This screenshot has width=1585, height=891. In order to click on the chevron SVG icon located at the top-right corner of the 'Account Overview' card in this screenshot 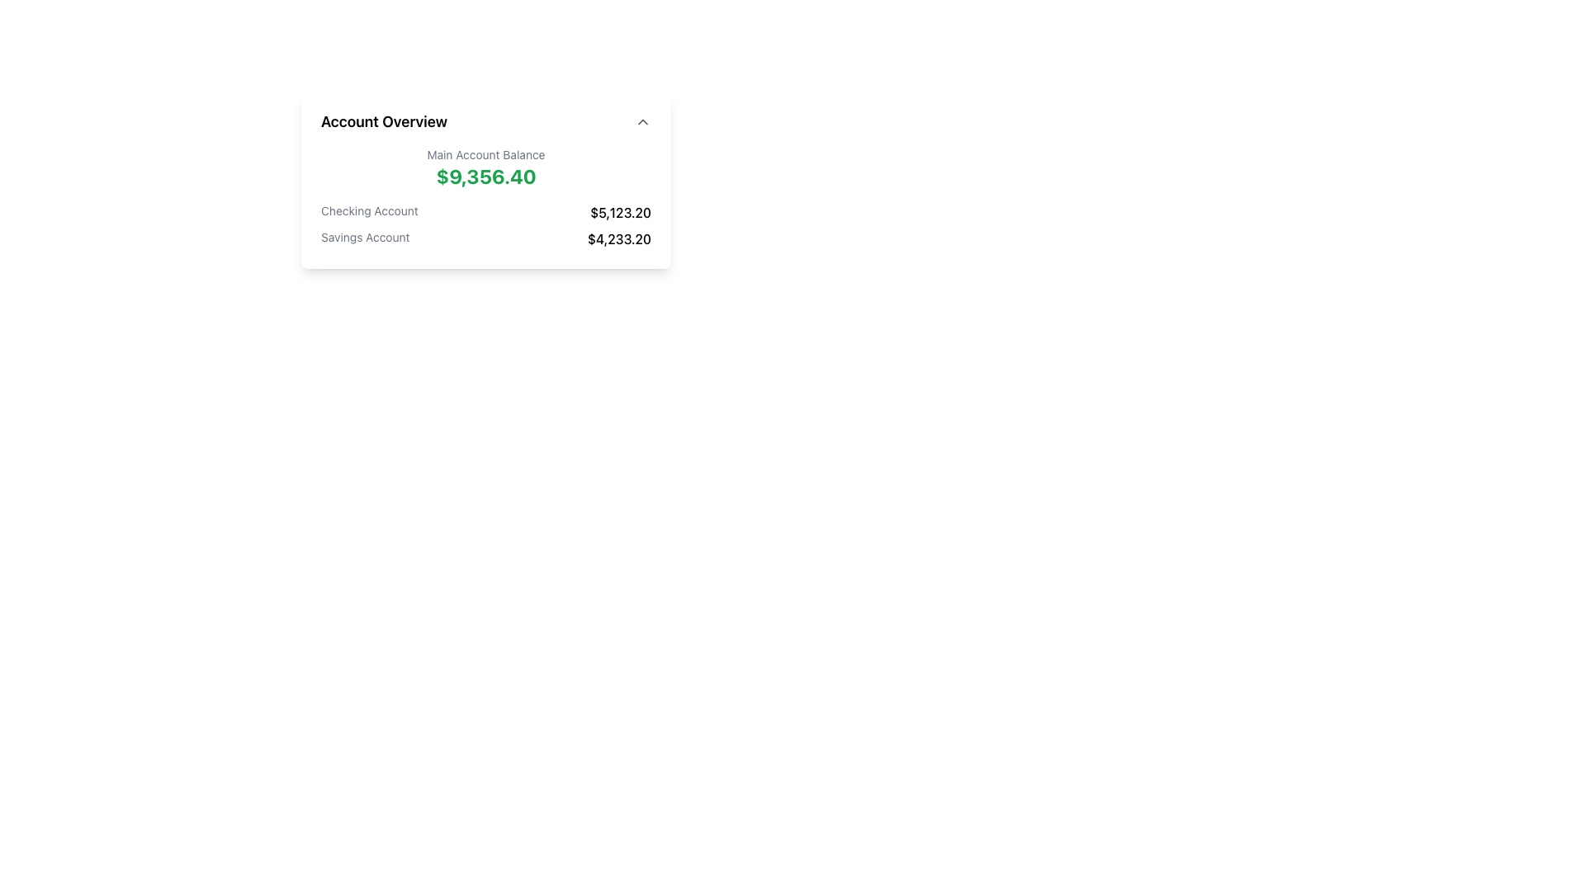, I will do `click(641, 120)`.